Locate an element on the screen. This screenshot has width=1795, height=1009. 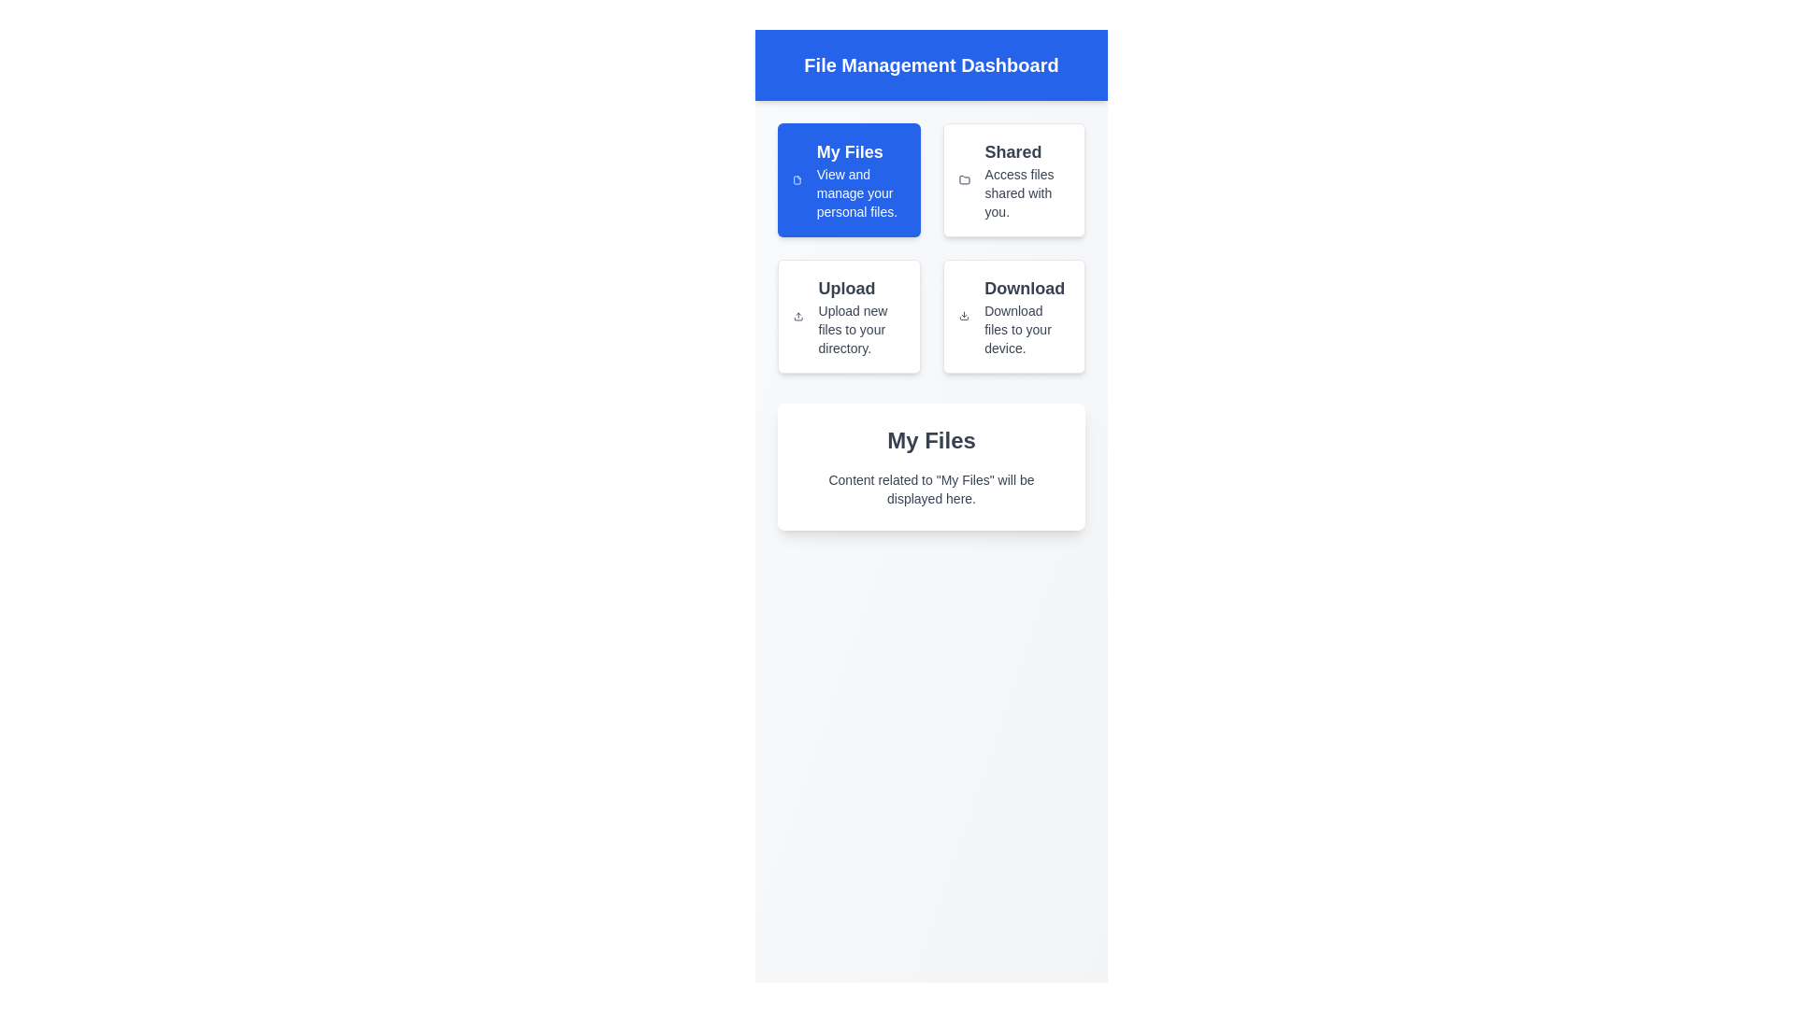
the title text of the card that indicates the primary action of downloading files, located in the second column of the second row of the grid layout is located at coordinates (1026, 288).